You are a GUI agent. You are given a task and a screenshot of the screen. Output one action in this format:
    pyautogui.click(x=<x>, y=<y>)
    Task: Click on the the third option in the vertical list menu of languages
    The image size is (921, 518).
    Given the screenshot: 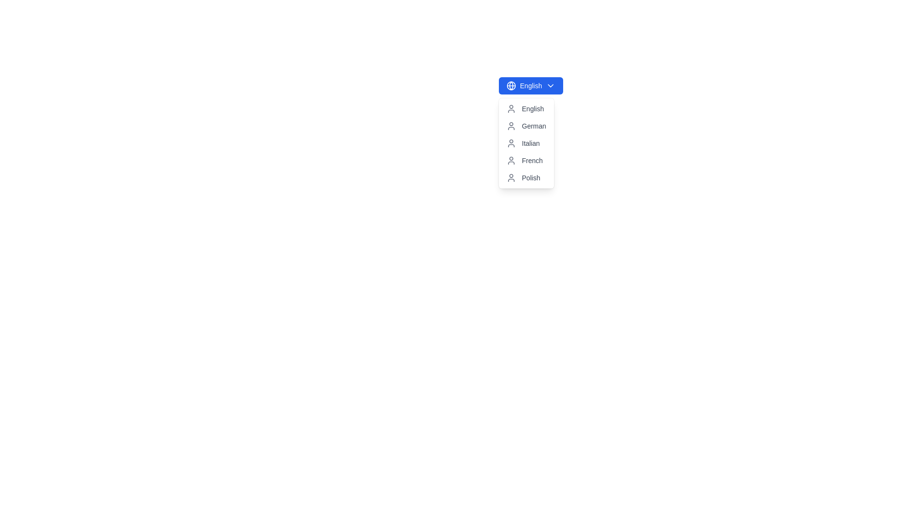 What is the action you would take?
    pyautogui.click(x=526, y=143)
    